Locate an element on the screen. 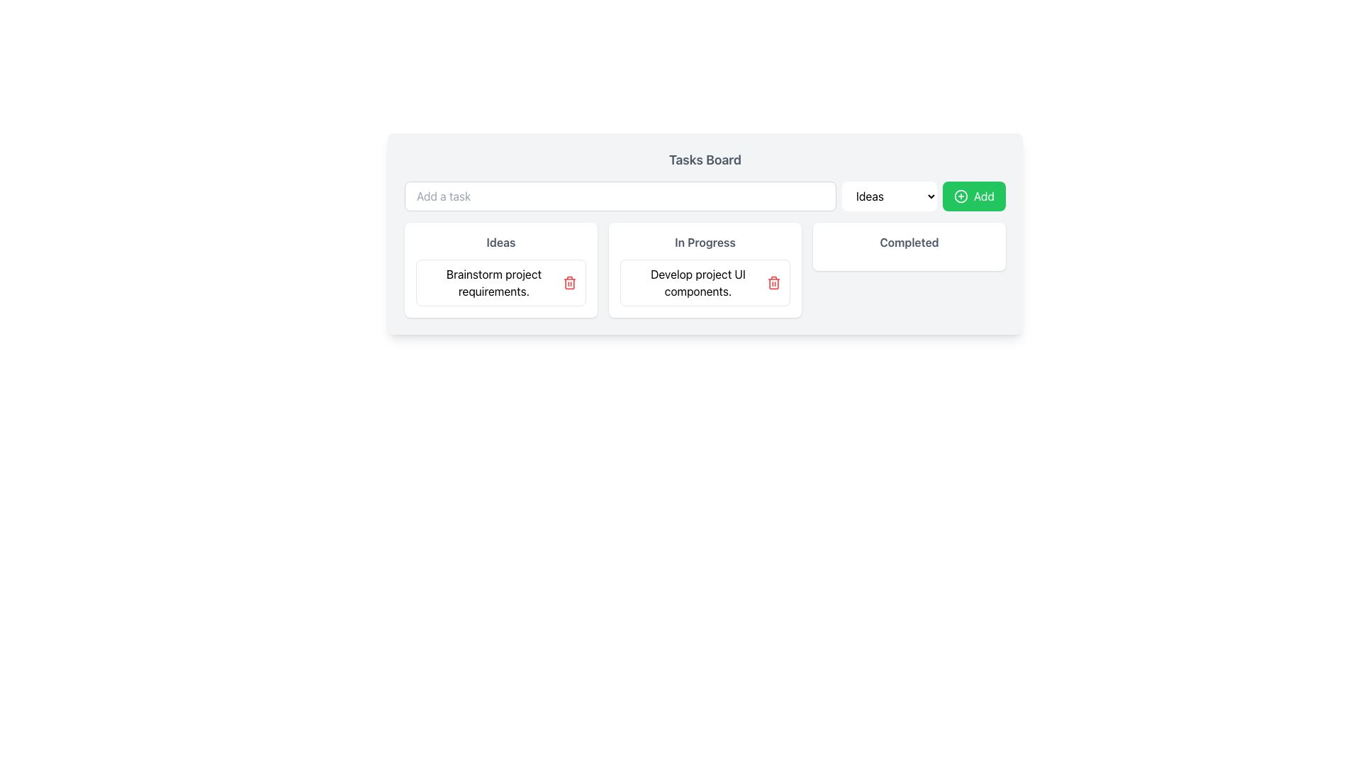  the task card labeled 'Develop project UI components.' located in the 'In Progress' section is located at coordinates (705, 282).